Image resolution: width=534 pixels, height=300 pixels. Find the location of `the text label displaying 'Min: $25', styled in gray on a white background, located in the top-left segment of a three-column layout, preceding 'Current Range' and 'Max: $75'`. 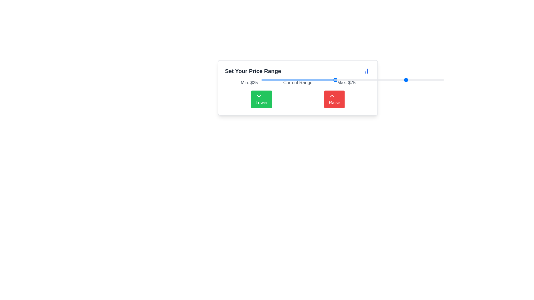

the text label displaying 'Min: $25', styled in gray on a white background, located in the top-left segment of a three-column layout, preceding 'Current Range' and 'Max: $75' is located at coordinates (249, 82).